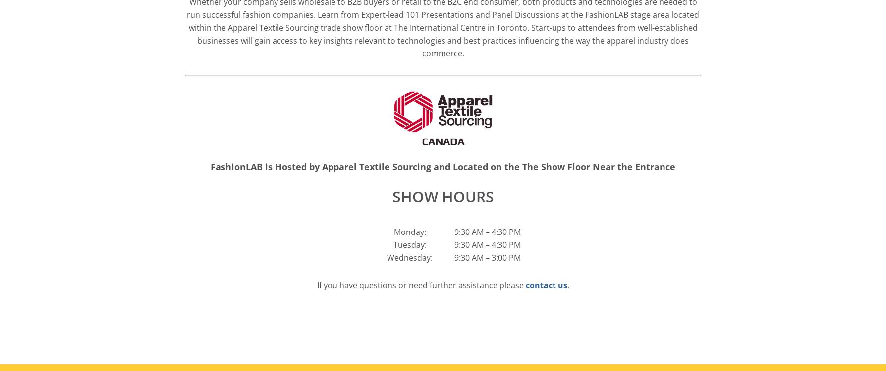  I want to click on 'SHOW HOURS', so click(442, 196).